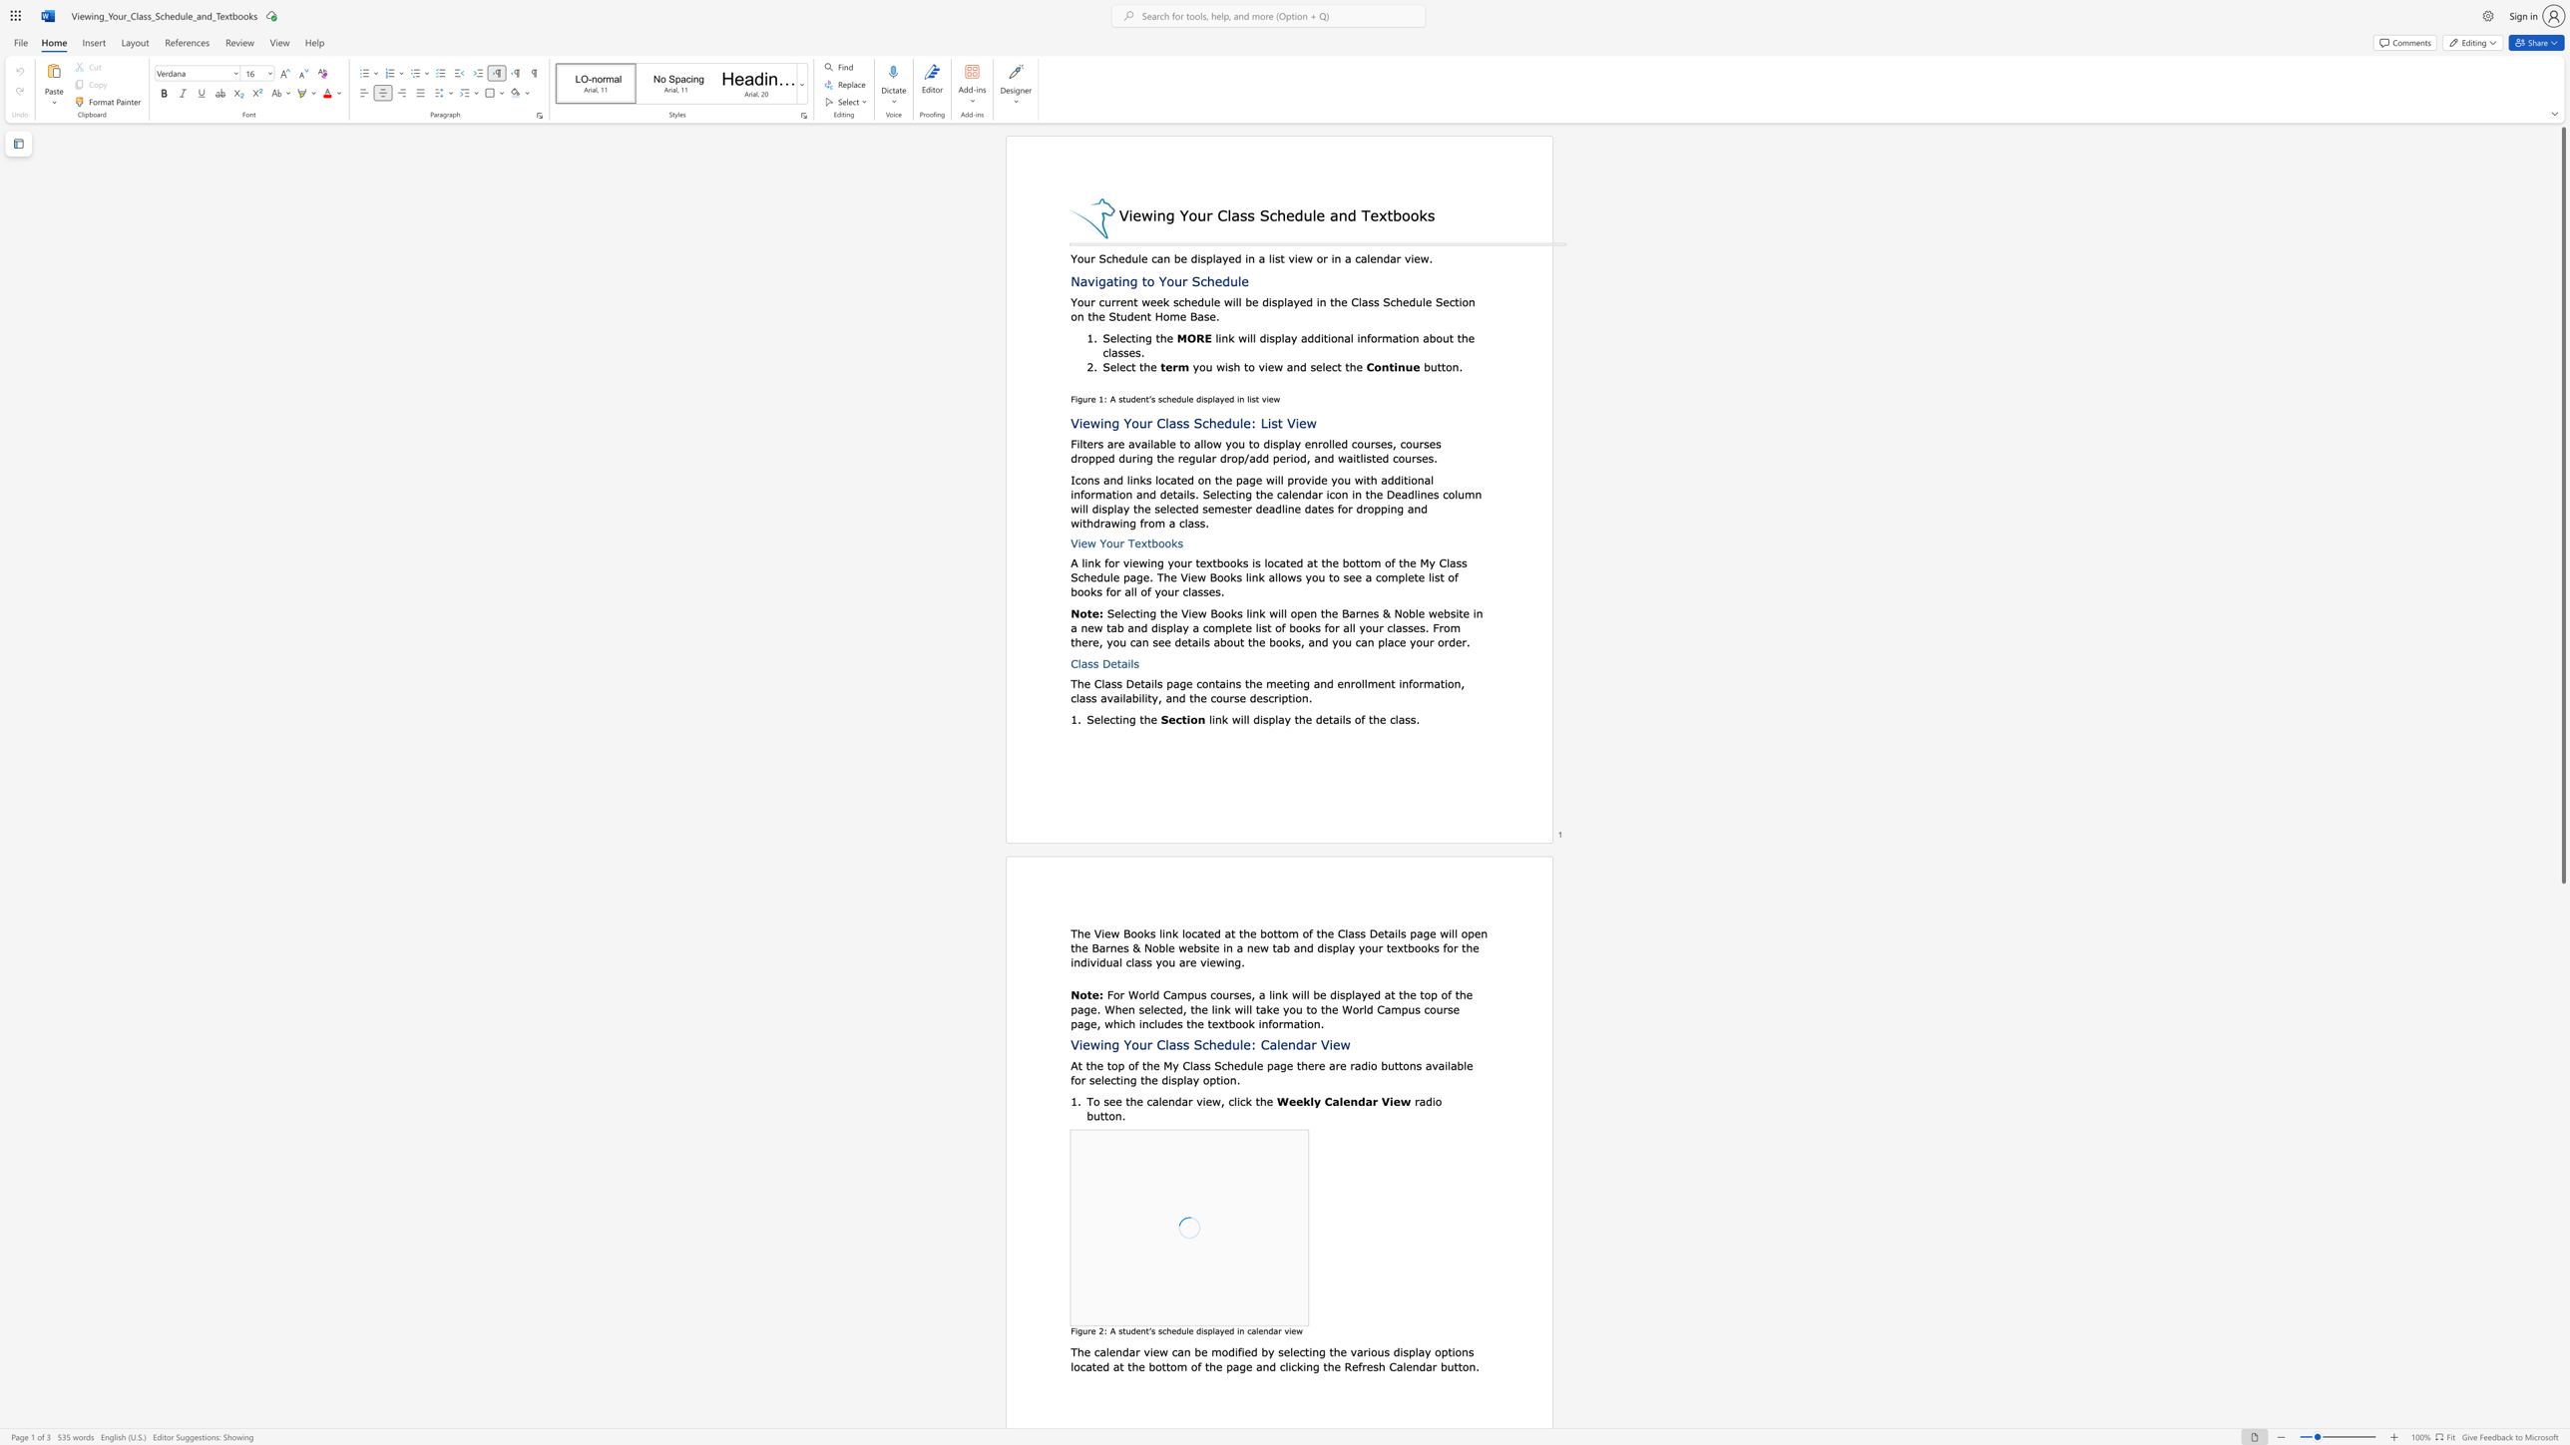  I want to click on the scrollbar on the right, so click(2562, 1069).